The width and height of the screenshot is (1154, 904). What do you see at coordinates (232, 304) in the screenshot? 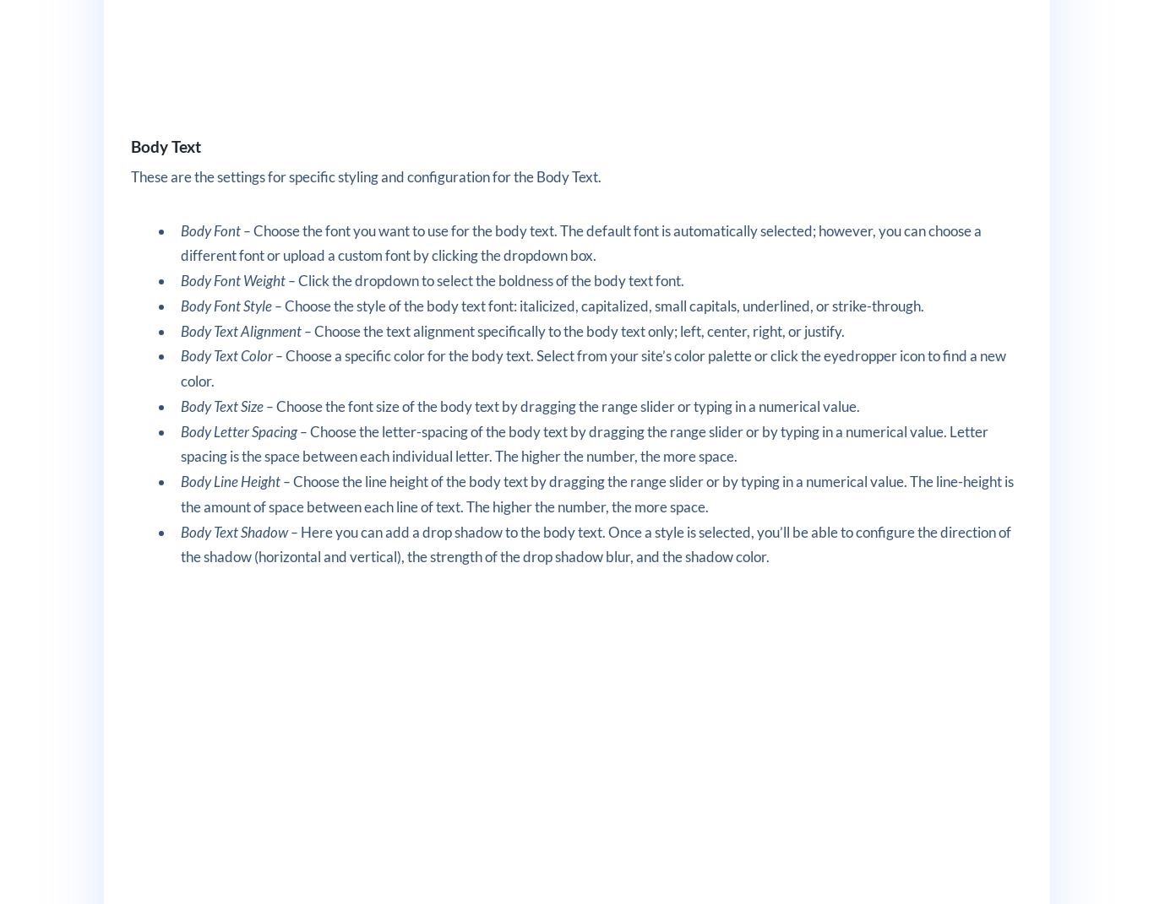
I see `'Body Font Style –'` at bounding box center [232, 304].